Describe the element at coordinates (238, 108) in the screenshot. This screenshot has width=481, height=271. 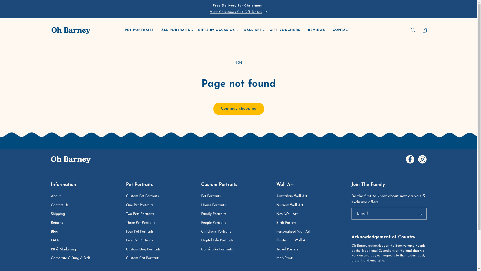
I see `'Continue shopping'` at that location.